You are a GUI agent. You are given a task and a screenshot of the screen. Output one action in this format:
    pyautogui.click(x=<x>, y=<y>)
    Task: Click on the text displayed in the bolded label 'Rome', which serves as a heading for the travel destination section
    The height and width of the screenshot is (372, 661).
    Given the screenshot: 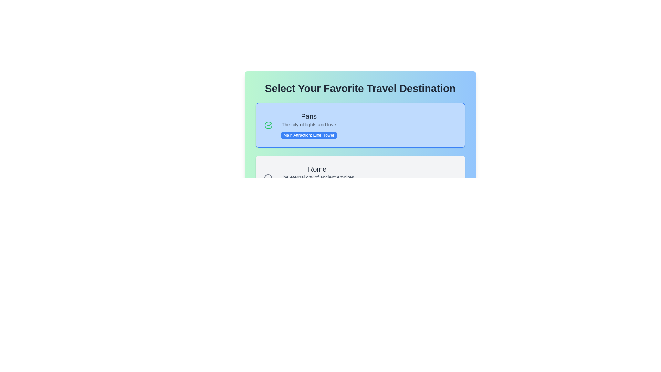 What is the action you would take?
    pyautogui.click(x=317, y=169)
    